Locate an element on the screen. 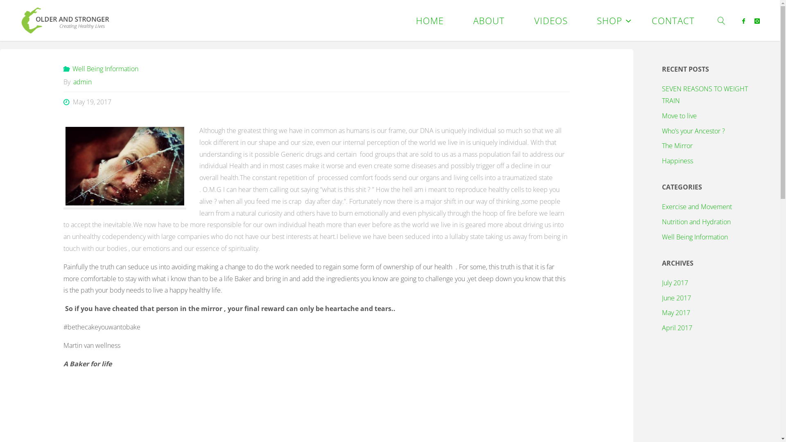 This screenshot has width=786, height=442. 'May 2017' is located at coordinates (676, 312).